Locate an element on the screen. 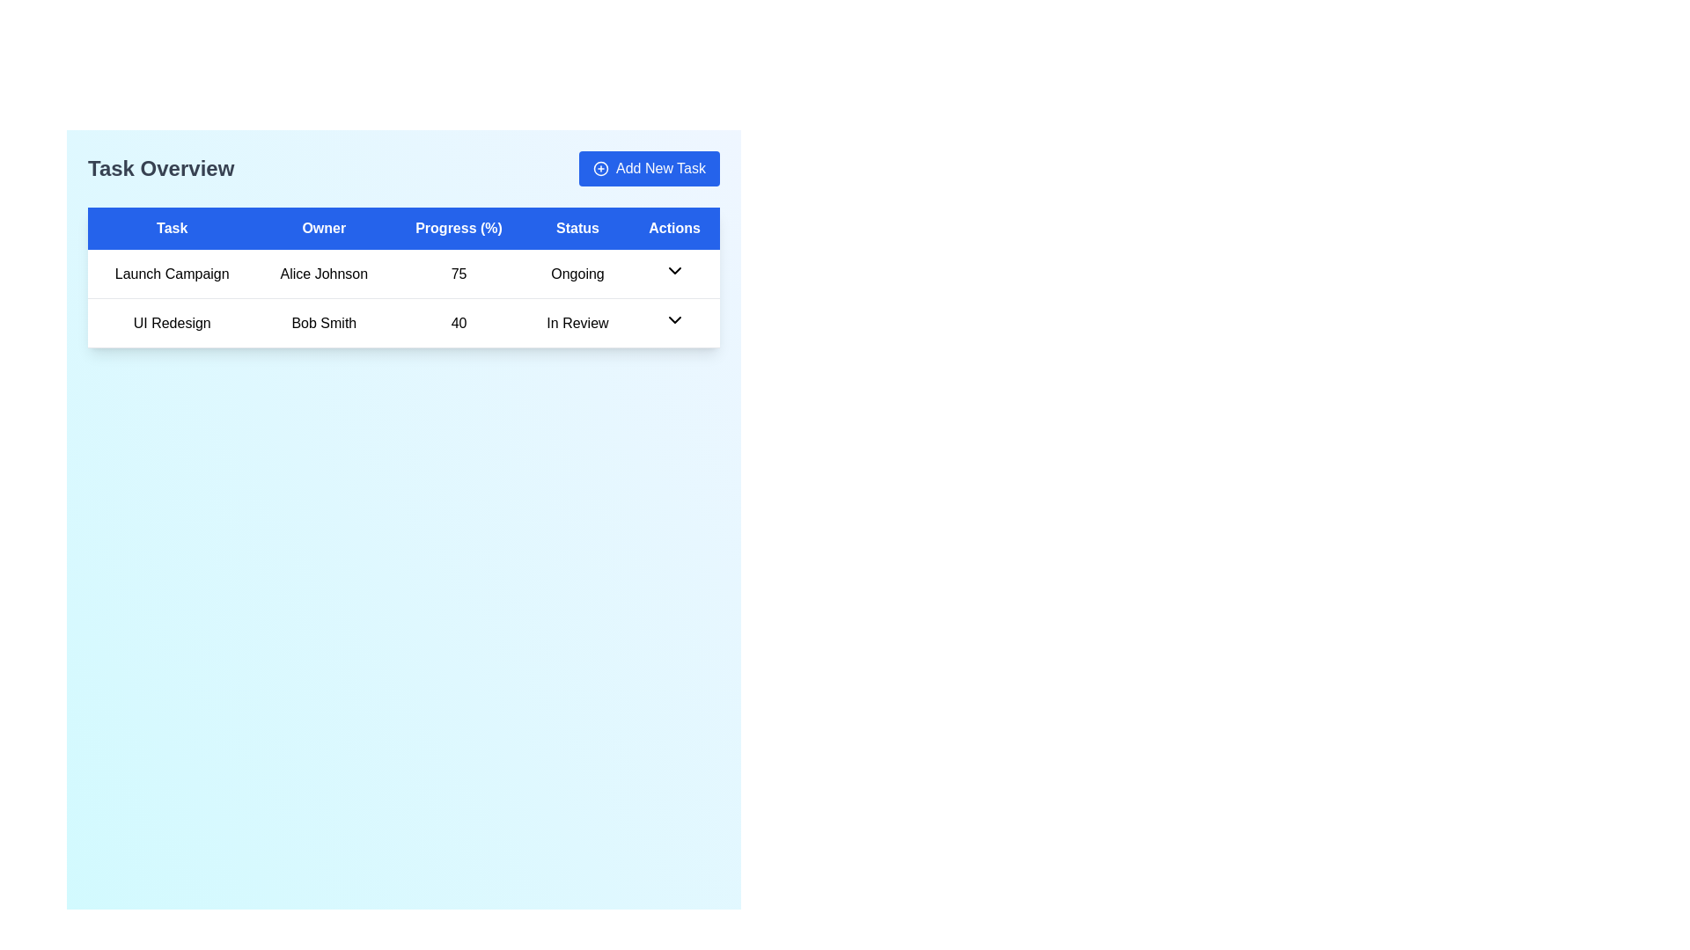  the static text content in the third column of the first row that represents the progress value for the task 'Launch Campaign' is located at coordinates (459, 274).